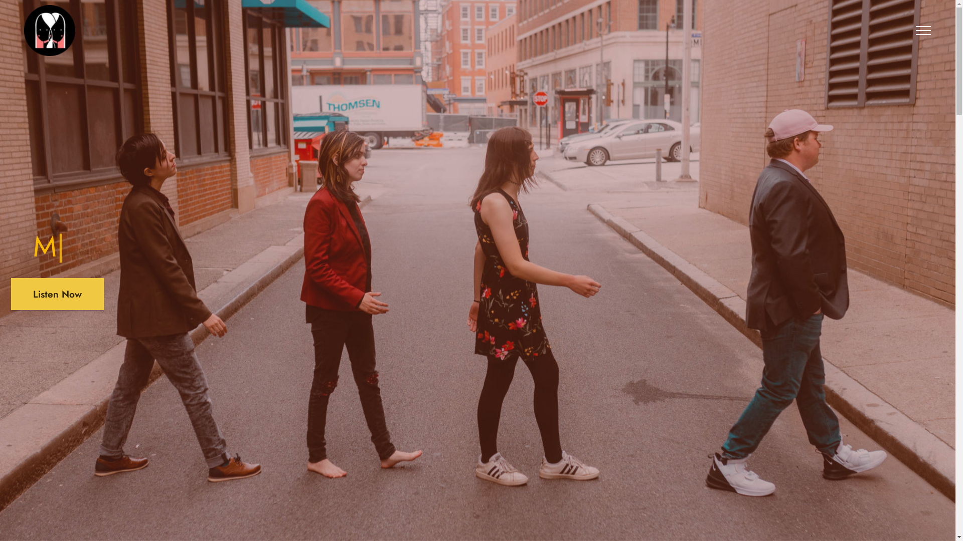 This screenshot has height=541, width=963. What do you see at coordinates (57, 293) in the screenshot?
I see `'Listen Now'` at bounding box center [57, 293].